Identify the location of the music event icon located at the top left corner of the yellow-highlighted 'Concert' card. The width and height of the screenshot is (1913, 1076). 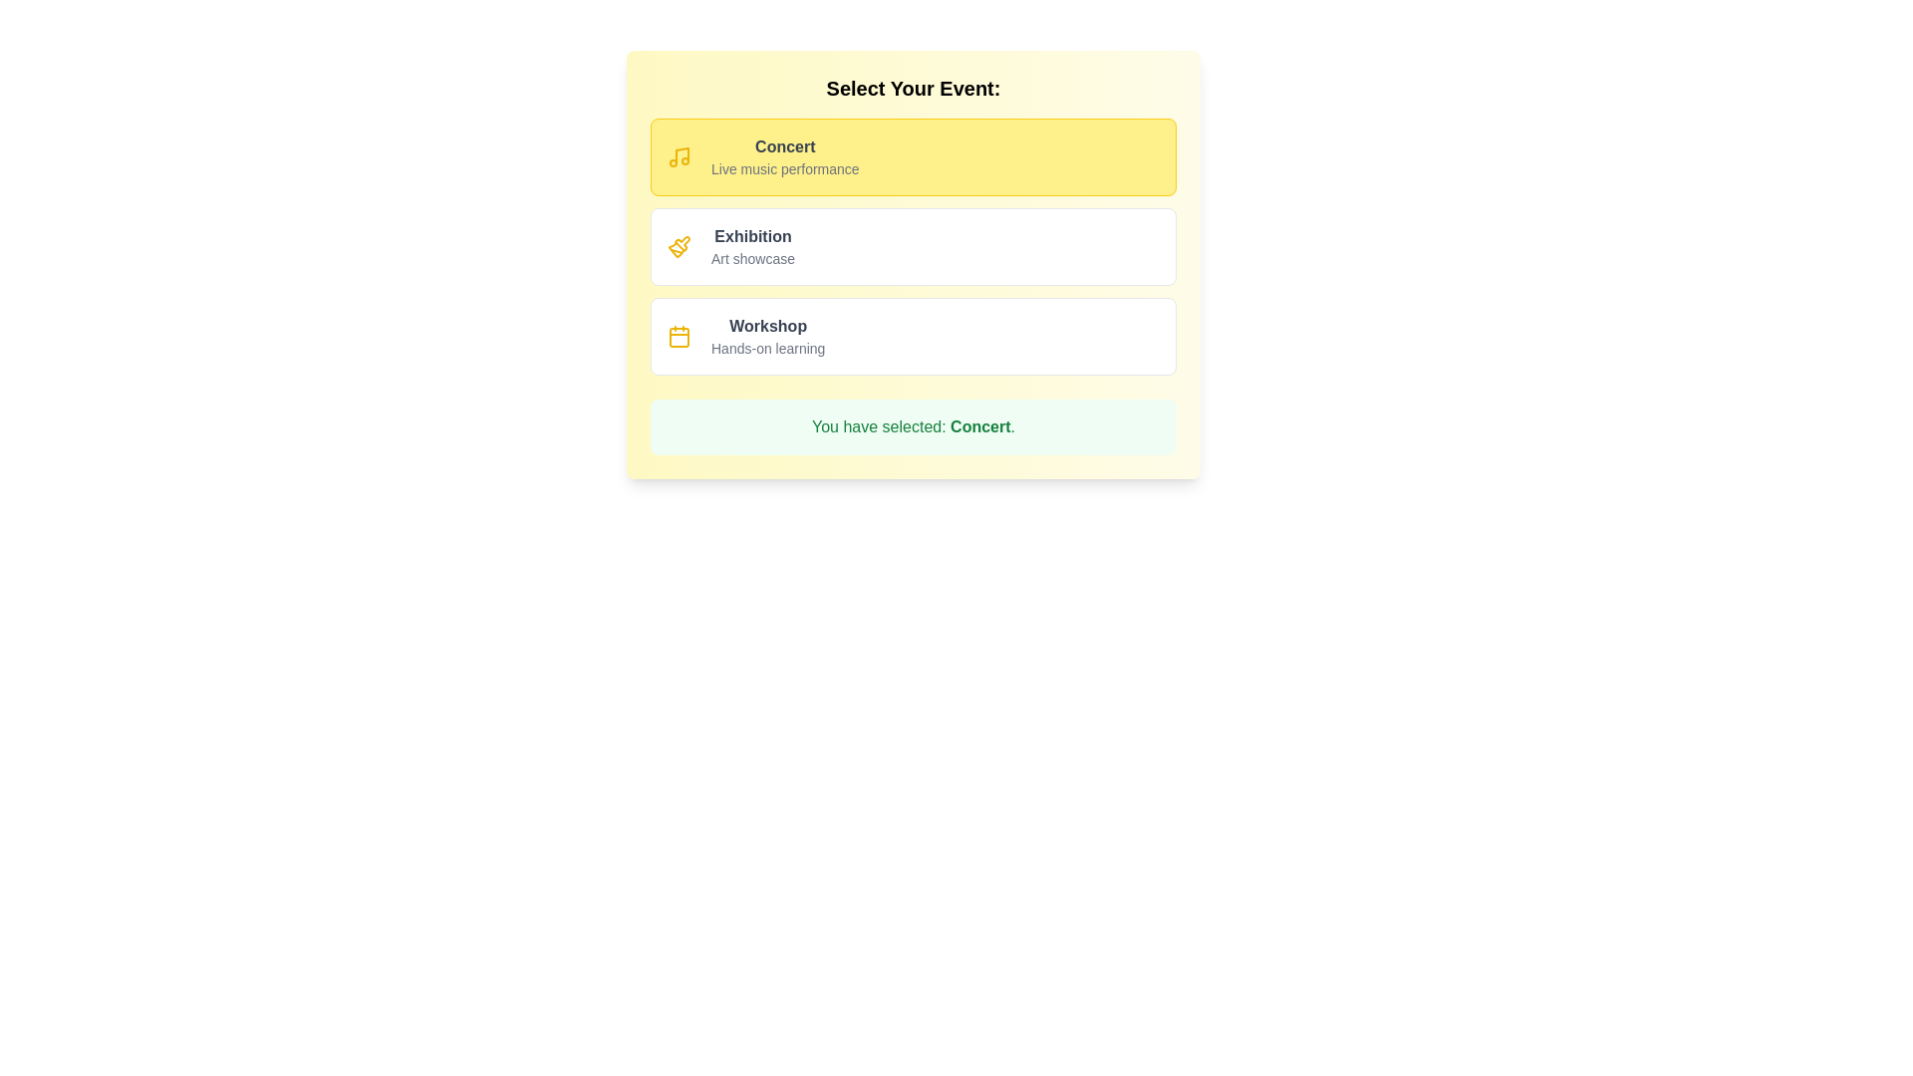
(679, 156).